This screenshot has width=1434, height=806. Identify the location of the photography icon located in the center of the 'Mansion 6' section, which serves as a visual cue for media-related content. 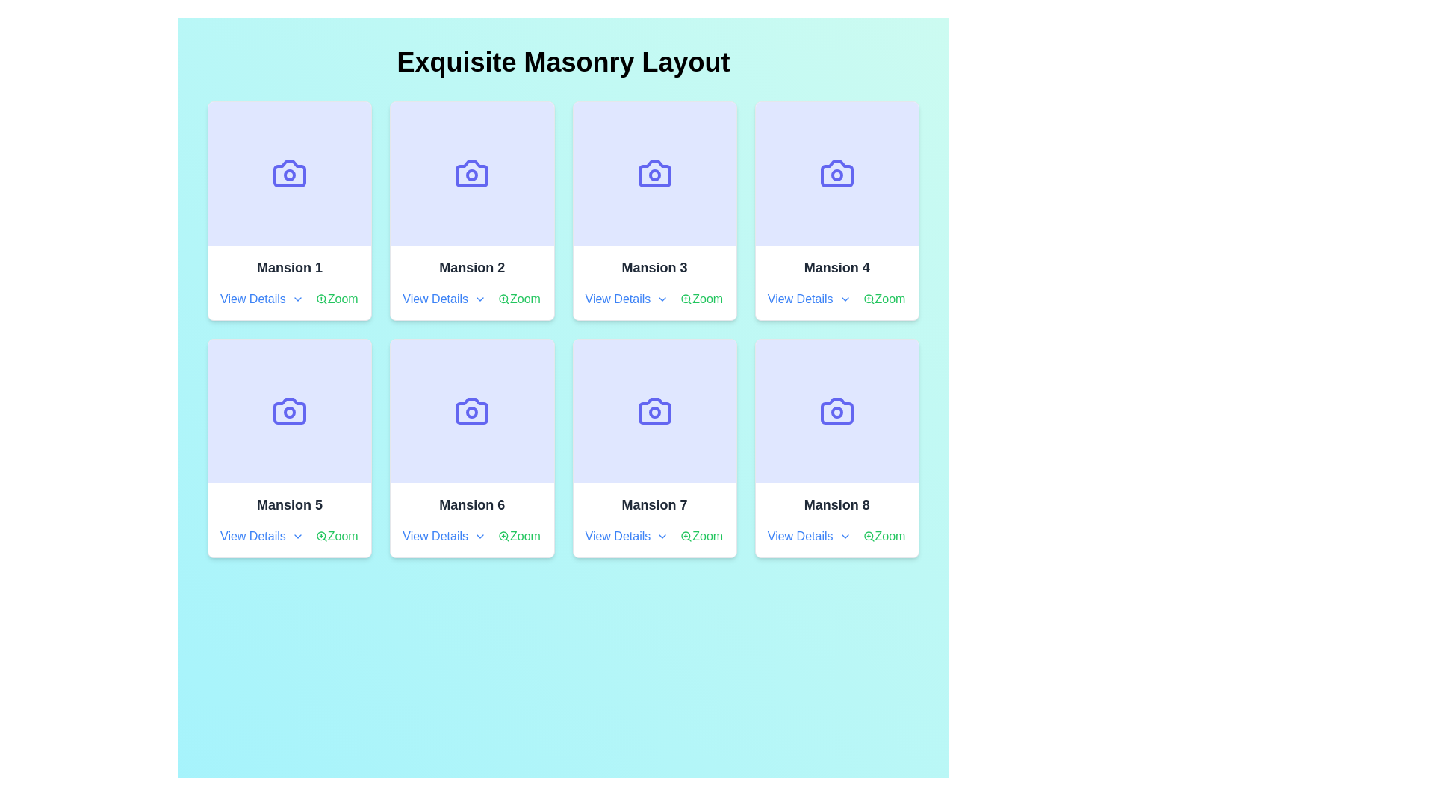
(471, 411).